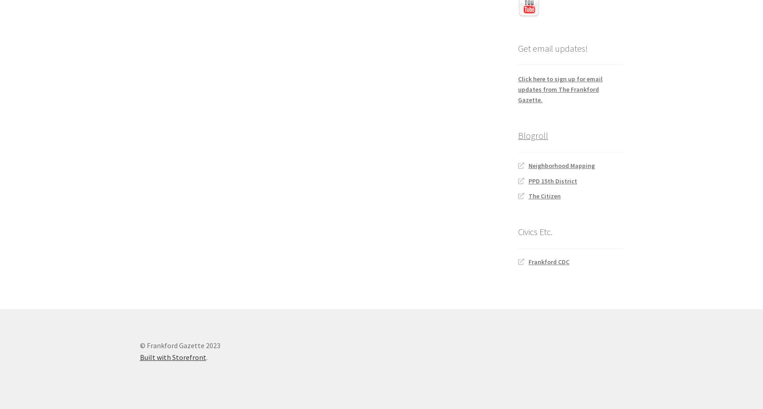 Image resolution: width=763 pixels, height=409 pixels. I want to click on 'Built with Storefront', so click(172, 356).